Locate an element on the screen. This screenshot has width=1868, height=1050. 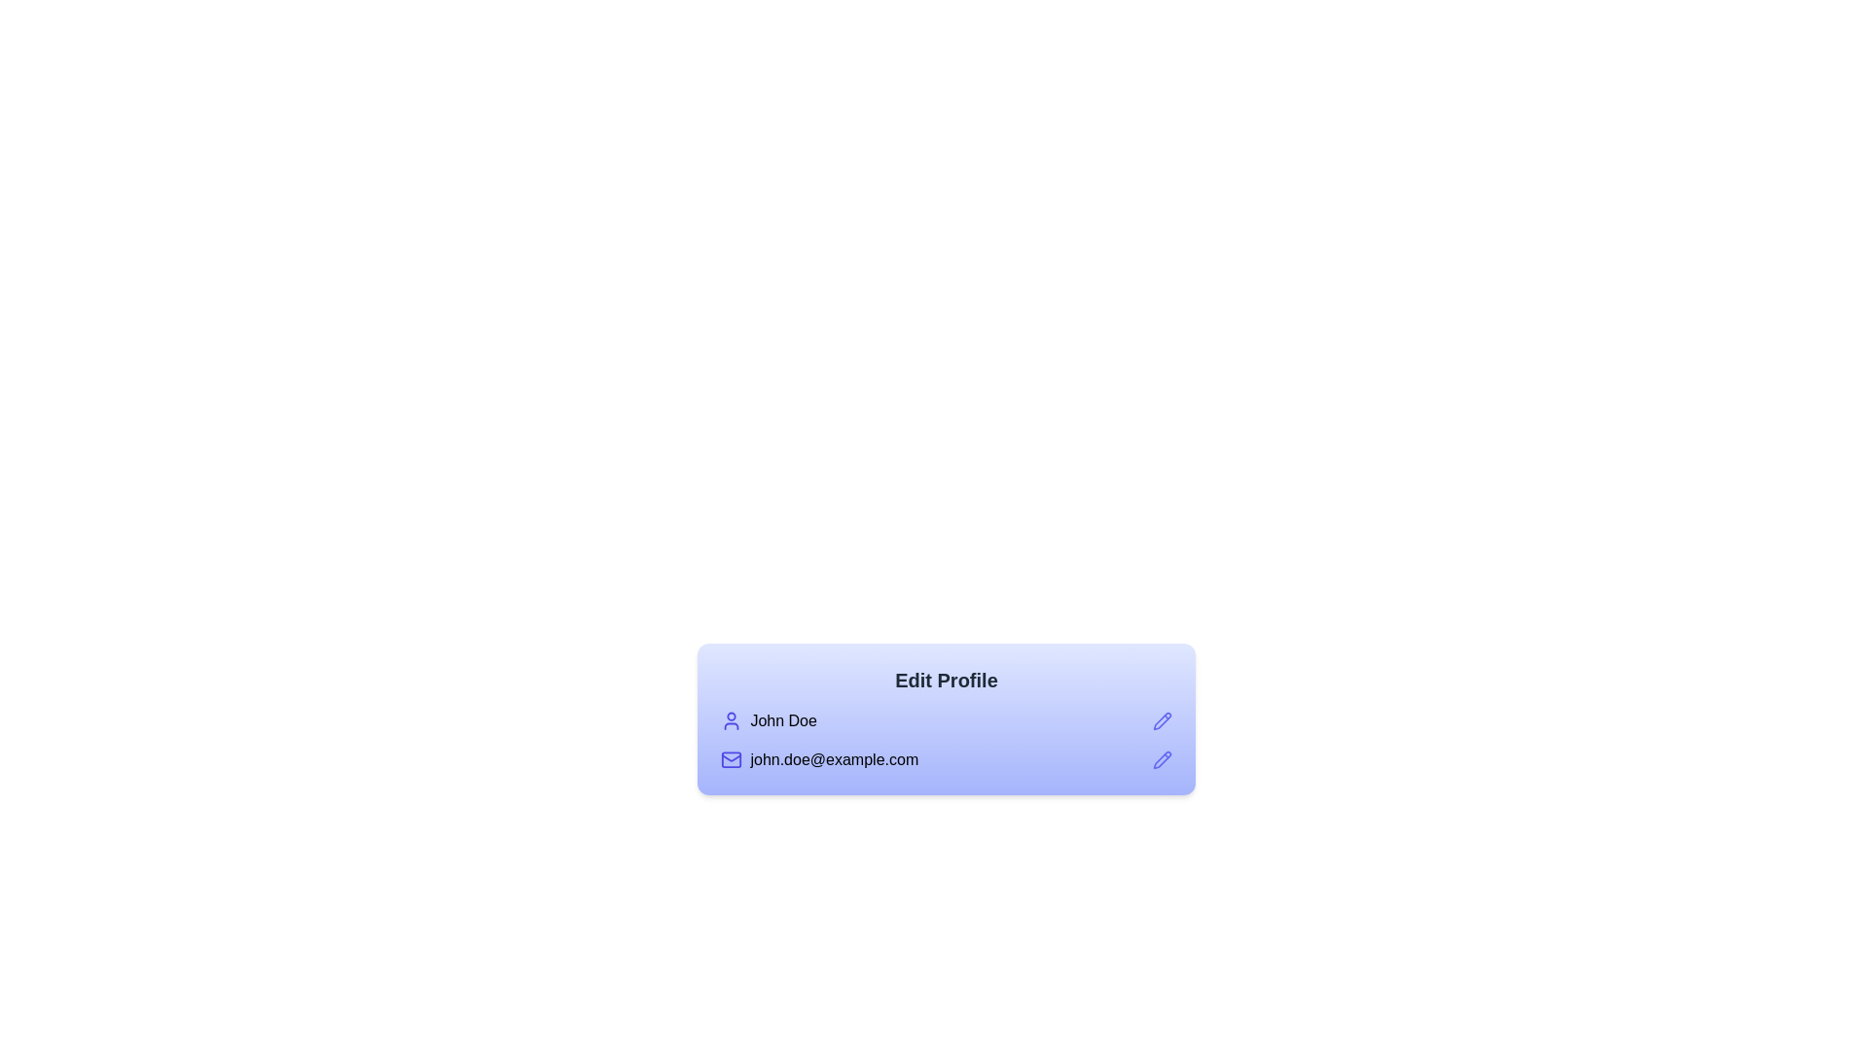
the blue pencil-shaped icon located at the bottom-right corner of the 'Edit Profile' panel to initiate an edit action is located at coordinates (1163, 759).